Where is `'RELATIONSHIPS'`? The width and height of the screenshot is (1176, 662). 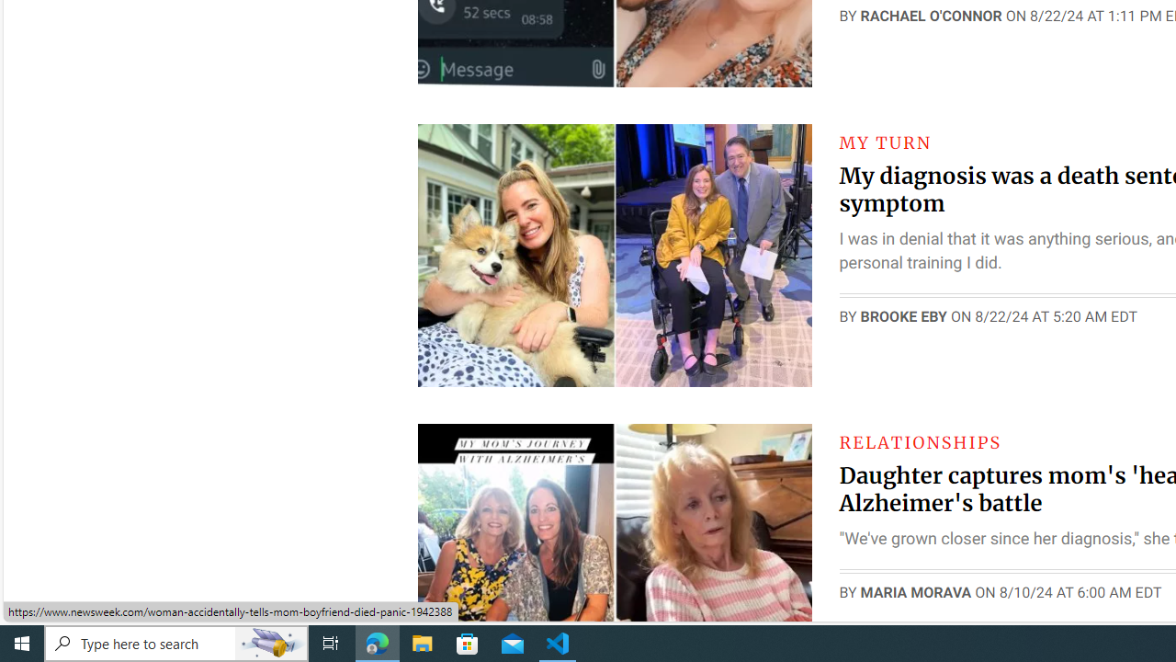
'RELATIONSHIPS' is located at coordinates (920, 441).